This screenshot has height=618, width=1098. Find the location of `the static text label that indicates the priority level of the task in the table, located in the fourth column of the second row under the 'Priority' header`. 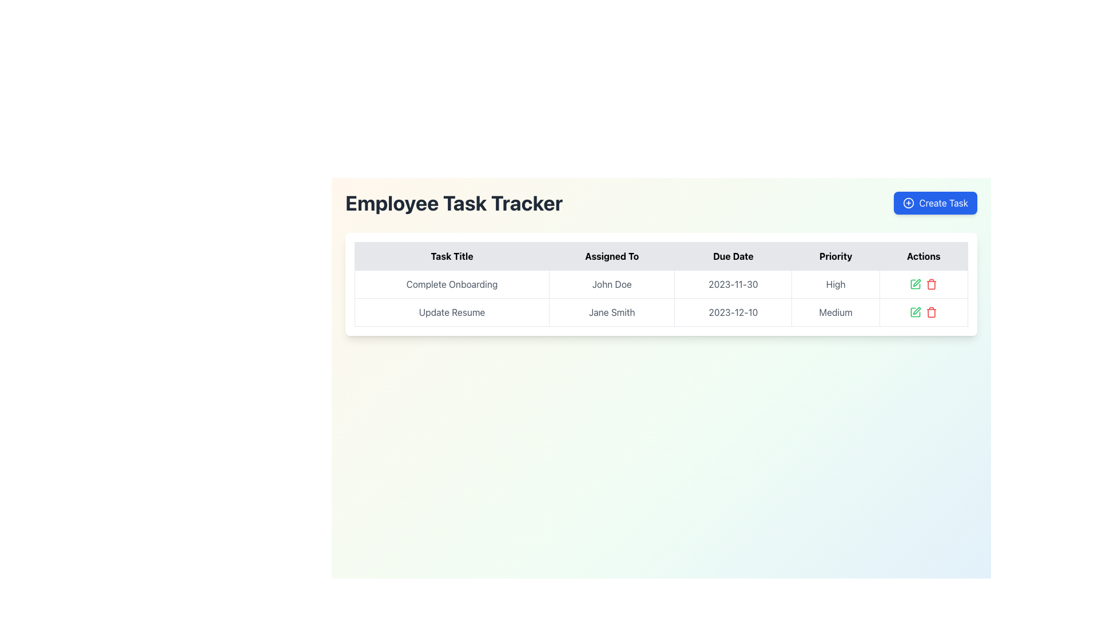

the static text label that indicates the priority level of the task in the table, located in the fourth column of the second row under the 'Priority' header is located at coordinates (836, 312).